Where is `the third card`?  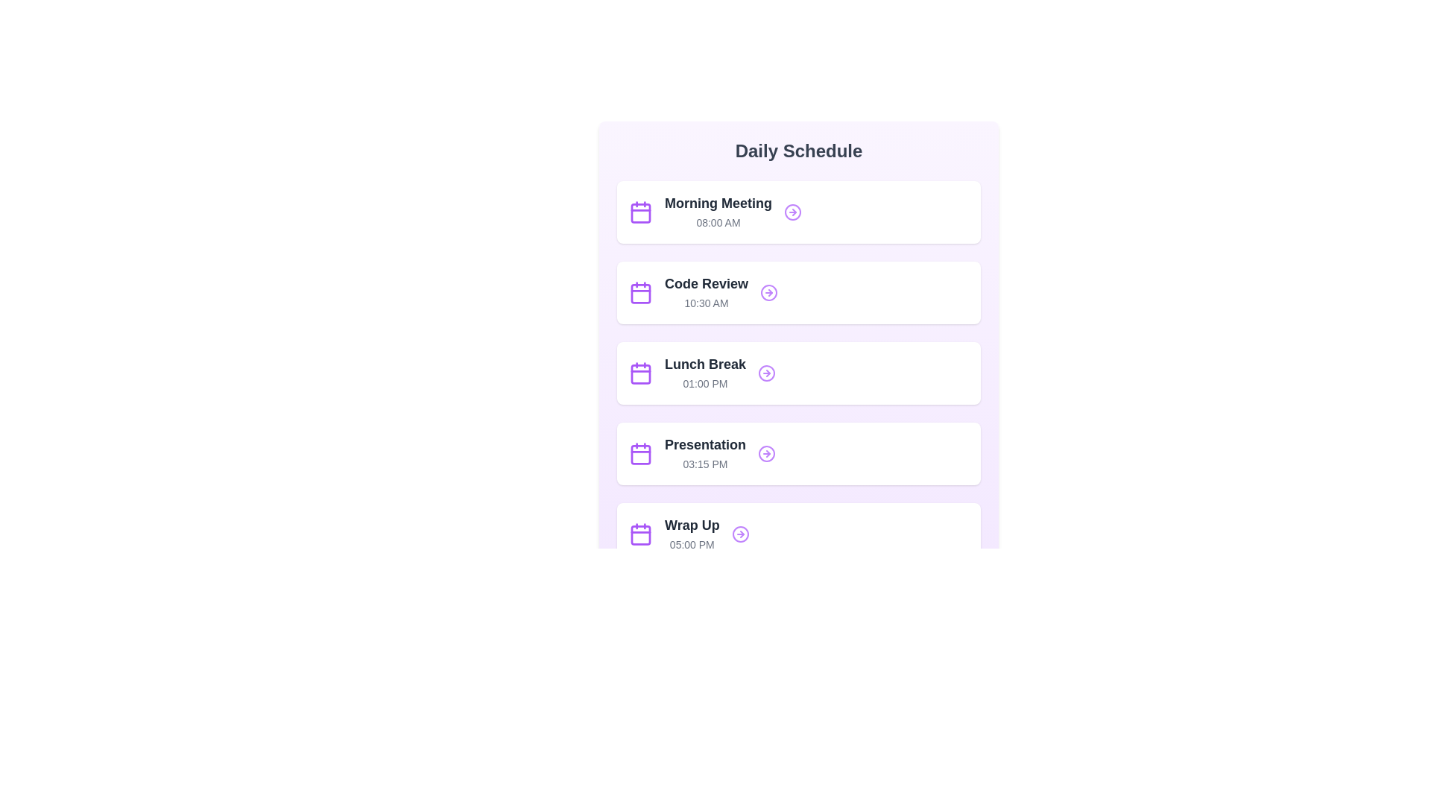
the third card is located at coordinates (797, 373).